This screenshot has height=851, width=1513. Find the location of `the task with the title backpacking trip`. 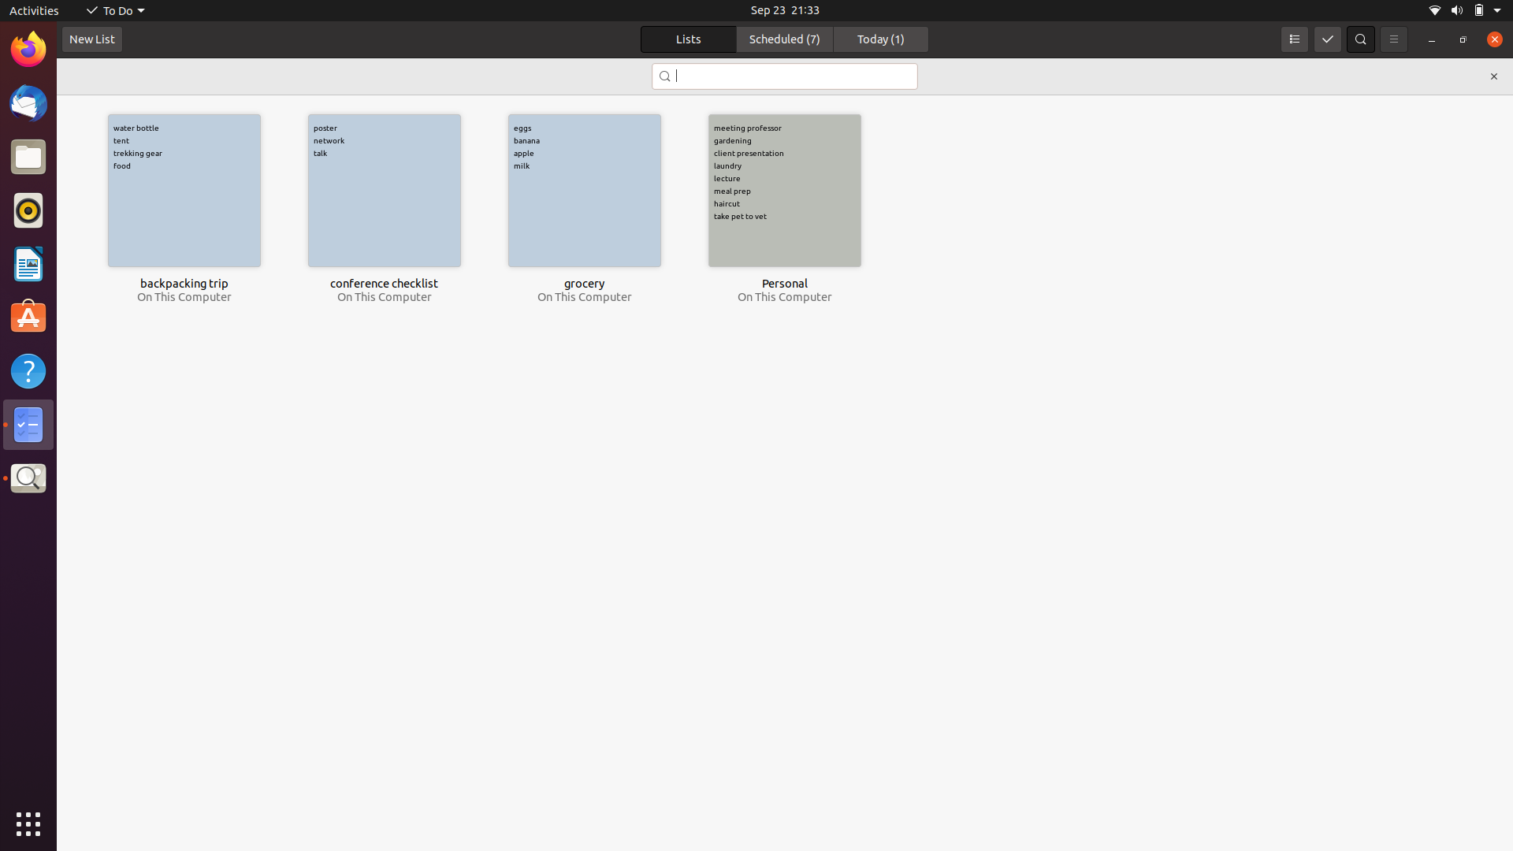

the task with the title backpacking trip is located at coordinates (184, 190).